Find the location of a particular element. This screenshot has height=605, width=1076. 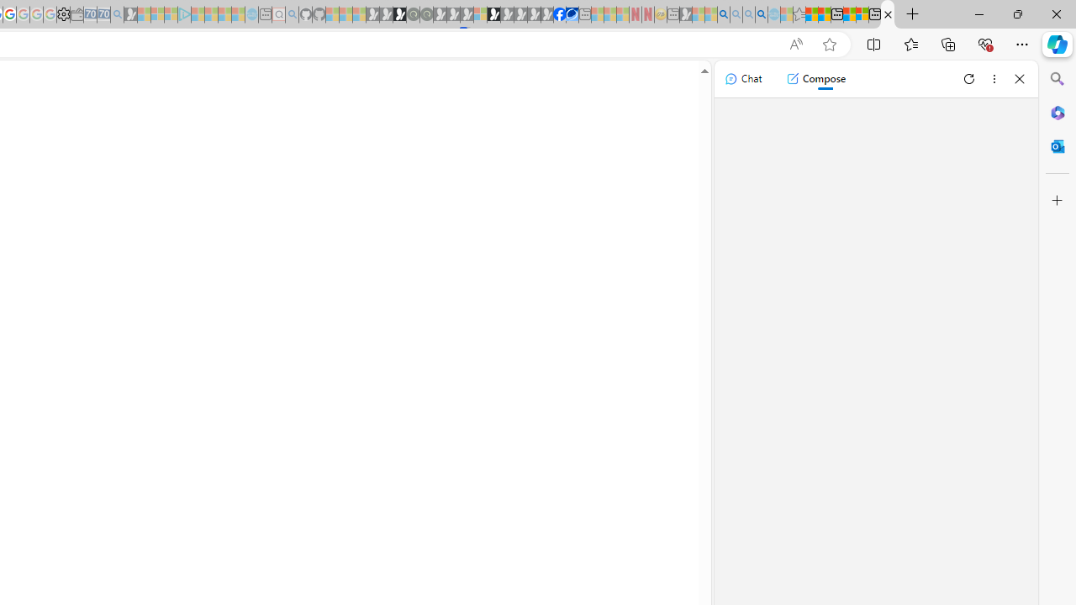

'Bing Real Estate - Home sales and rental listings - Sleeping' is located at coordinates (116, 14).